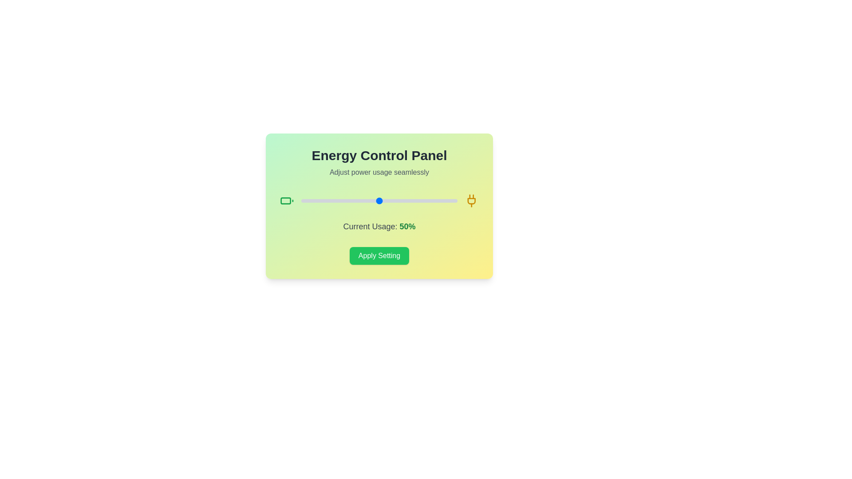 This screenshot has height=479, width=852. I want to click on the energy usage slider, so click(418, 200).